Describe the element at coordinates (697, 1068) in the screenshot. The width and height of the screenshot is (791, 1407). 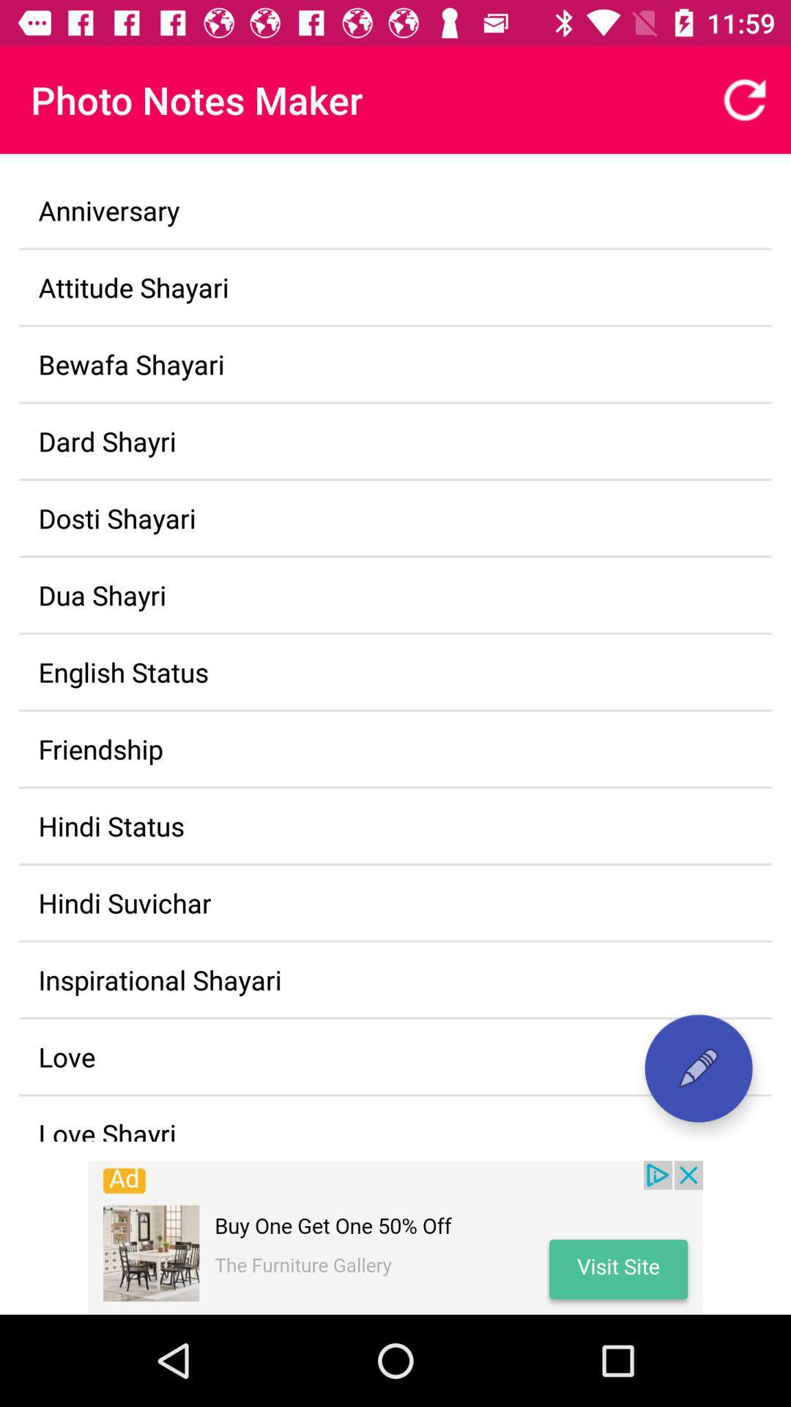
I see `the edit icon` at that location.